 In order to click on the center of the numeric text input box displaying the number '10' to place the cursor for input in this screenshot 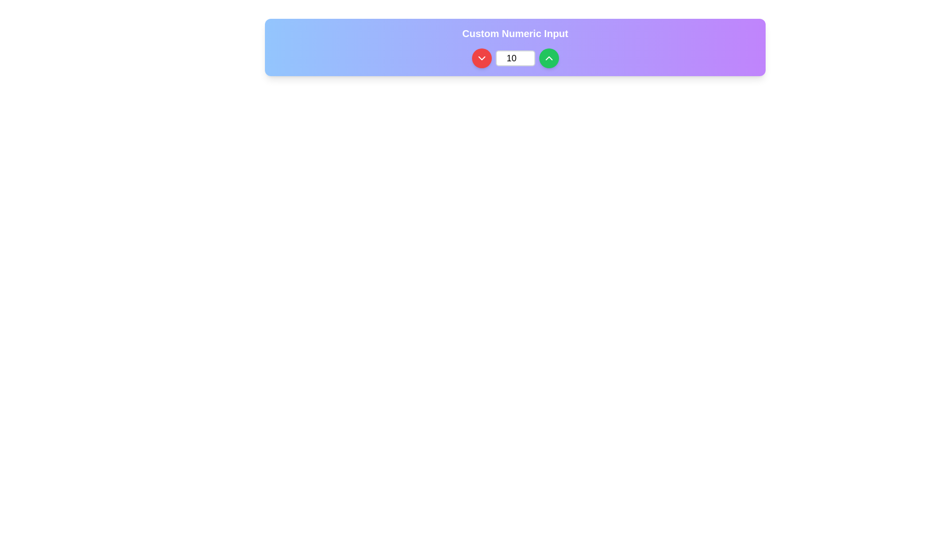, I will do `click(515, 58)`.